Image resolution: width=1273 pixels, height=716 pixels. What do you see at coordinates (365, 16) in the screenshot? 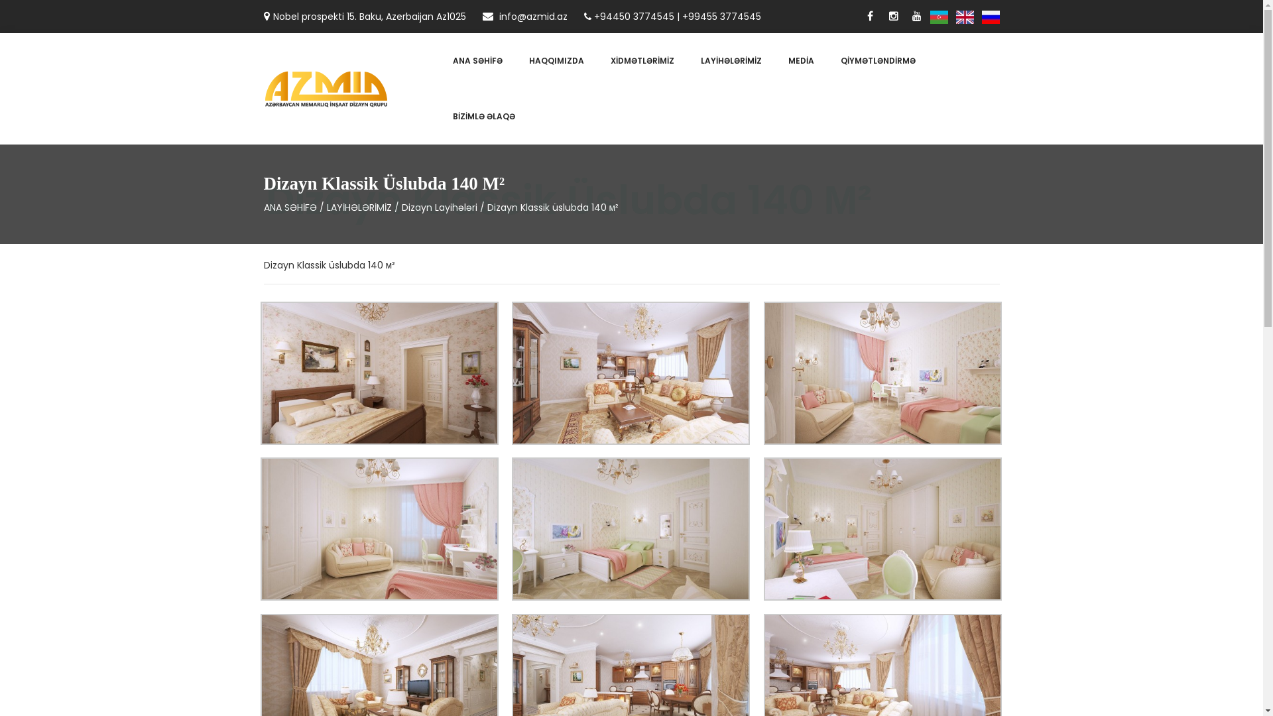
I see `'Nobel prospekti 15. Baku, Azerbaijan Az1025'` at bounding box center [365, 16].